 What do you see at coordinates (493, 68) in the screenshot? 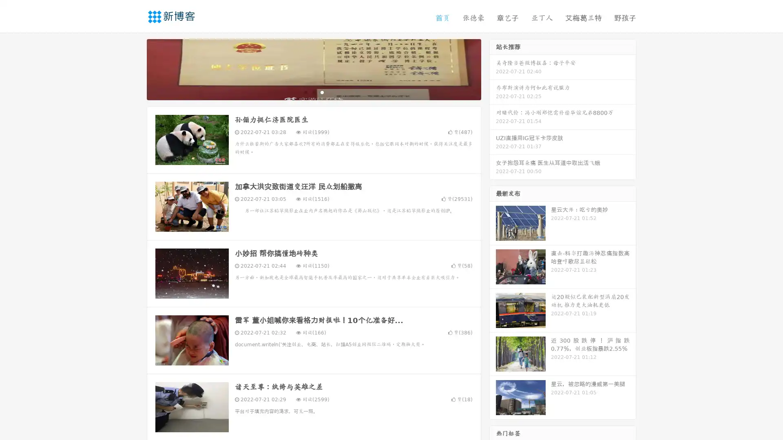
I see `Next slide` at bounding box center [493, 68].